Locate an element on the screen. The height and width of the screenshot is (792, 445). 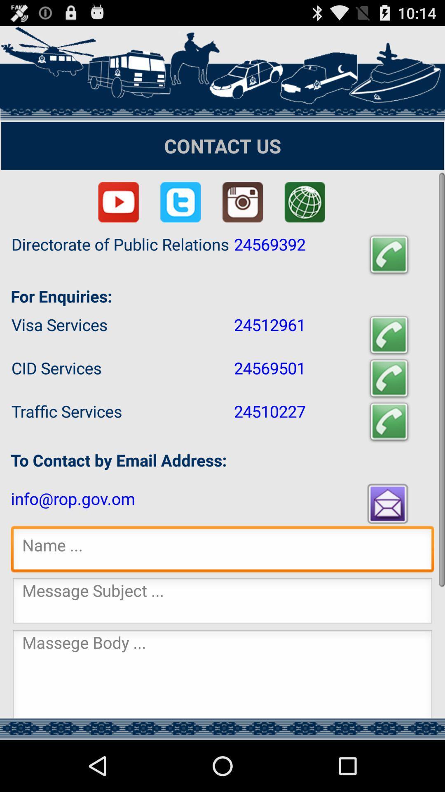
link to instagram is located at coordinates (242, 202).